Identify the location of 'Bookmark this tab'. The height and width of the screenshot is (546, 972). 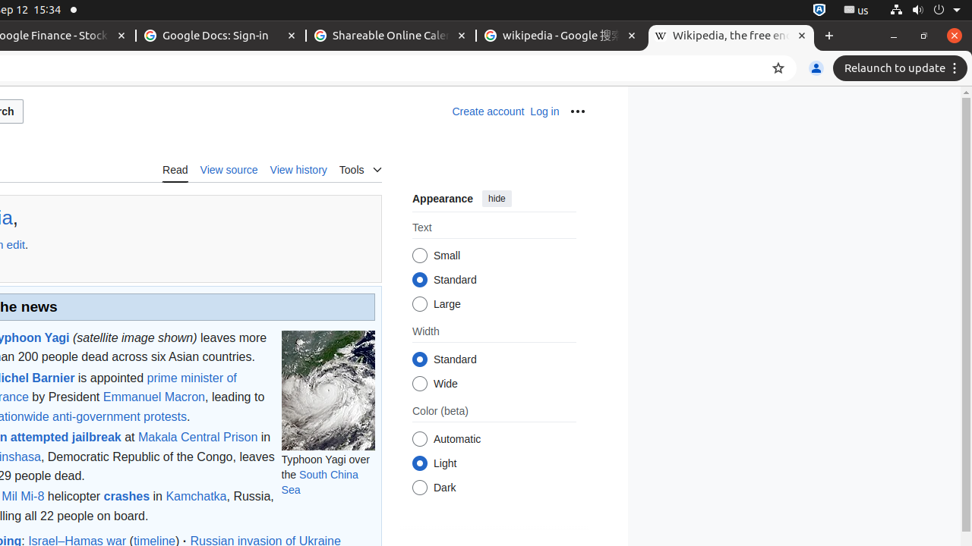
(778, 68).